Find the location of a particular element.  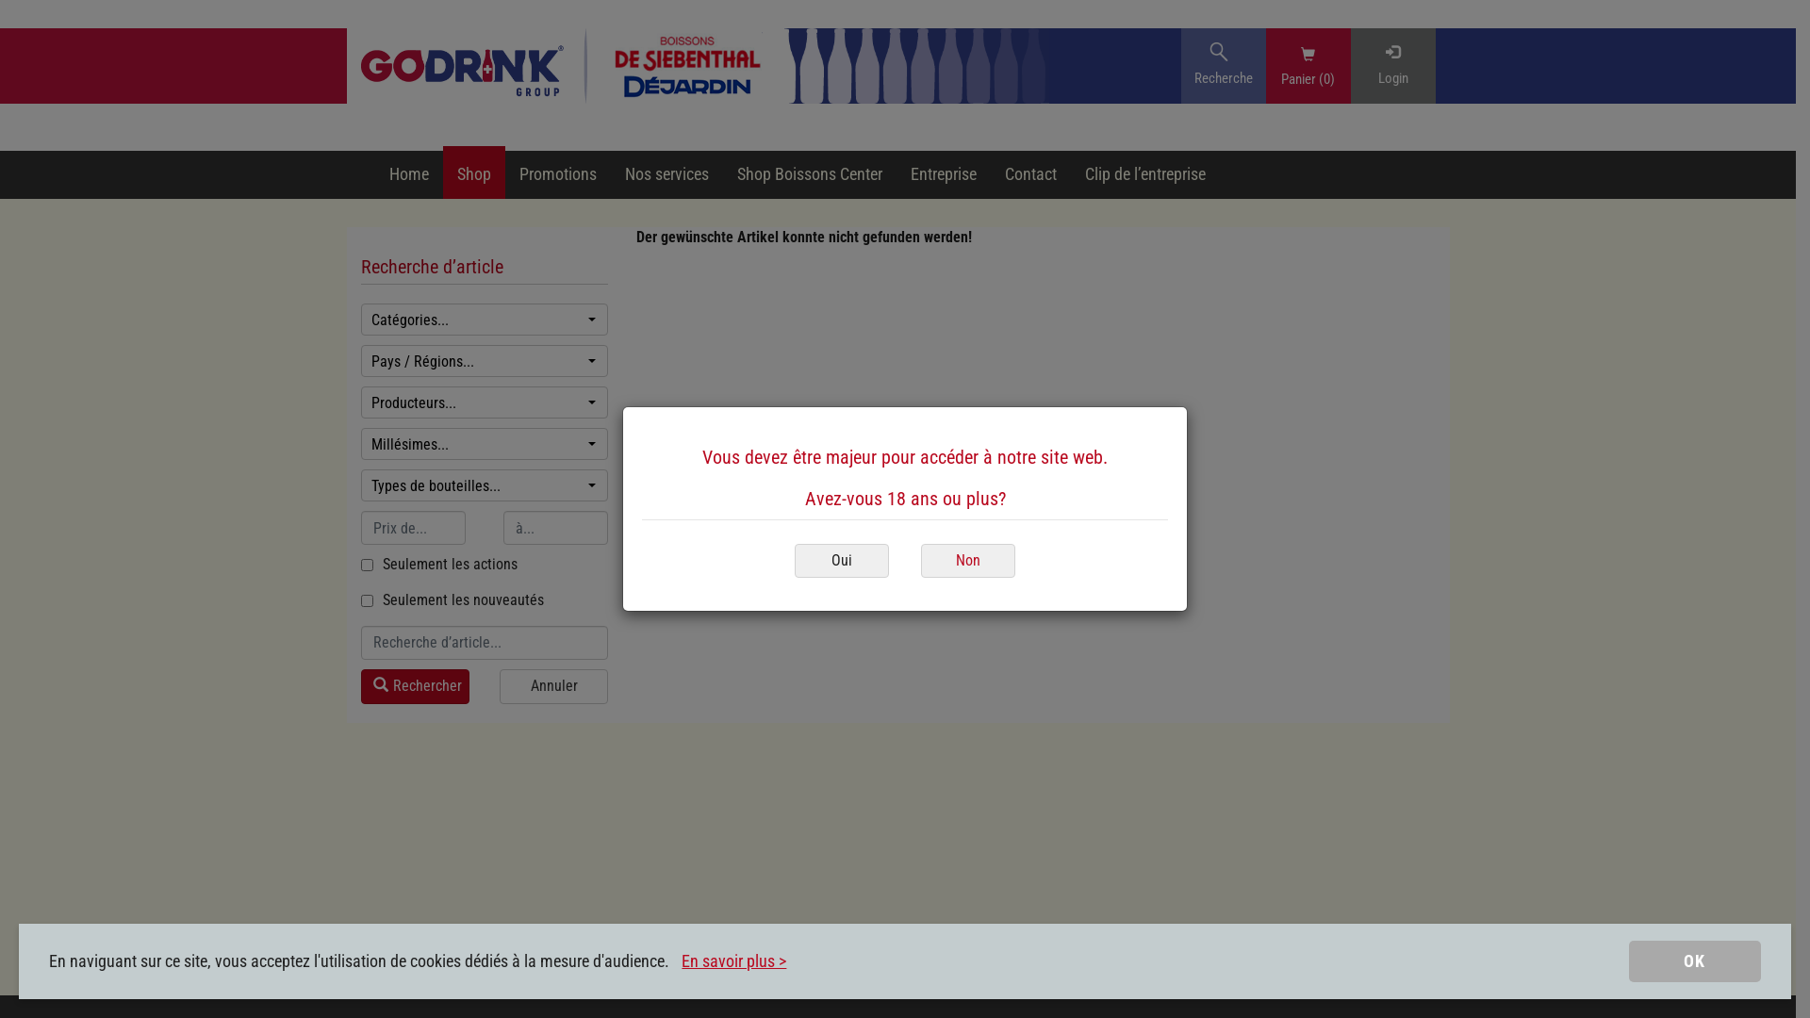

'Panier (0)' is located at coordinates (1307, 76).